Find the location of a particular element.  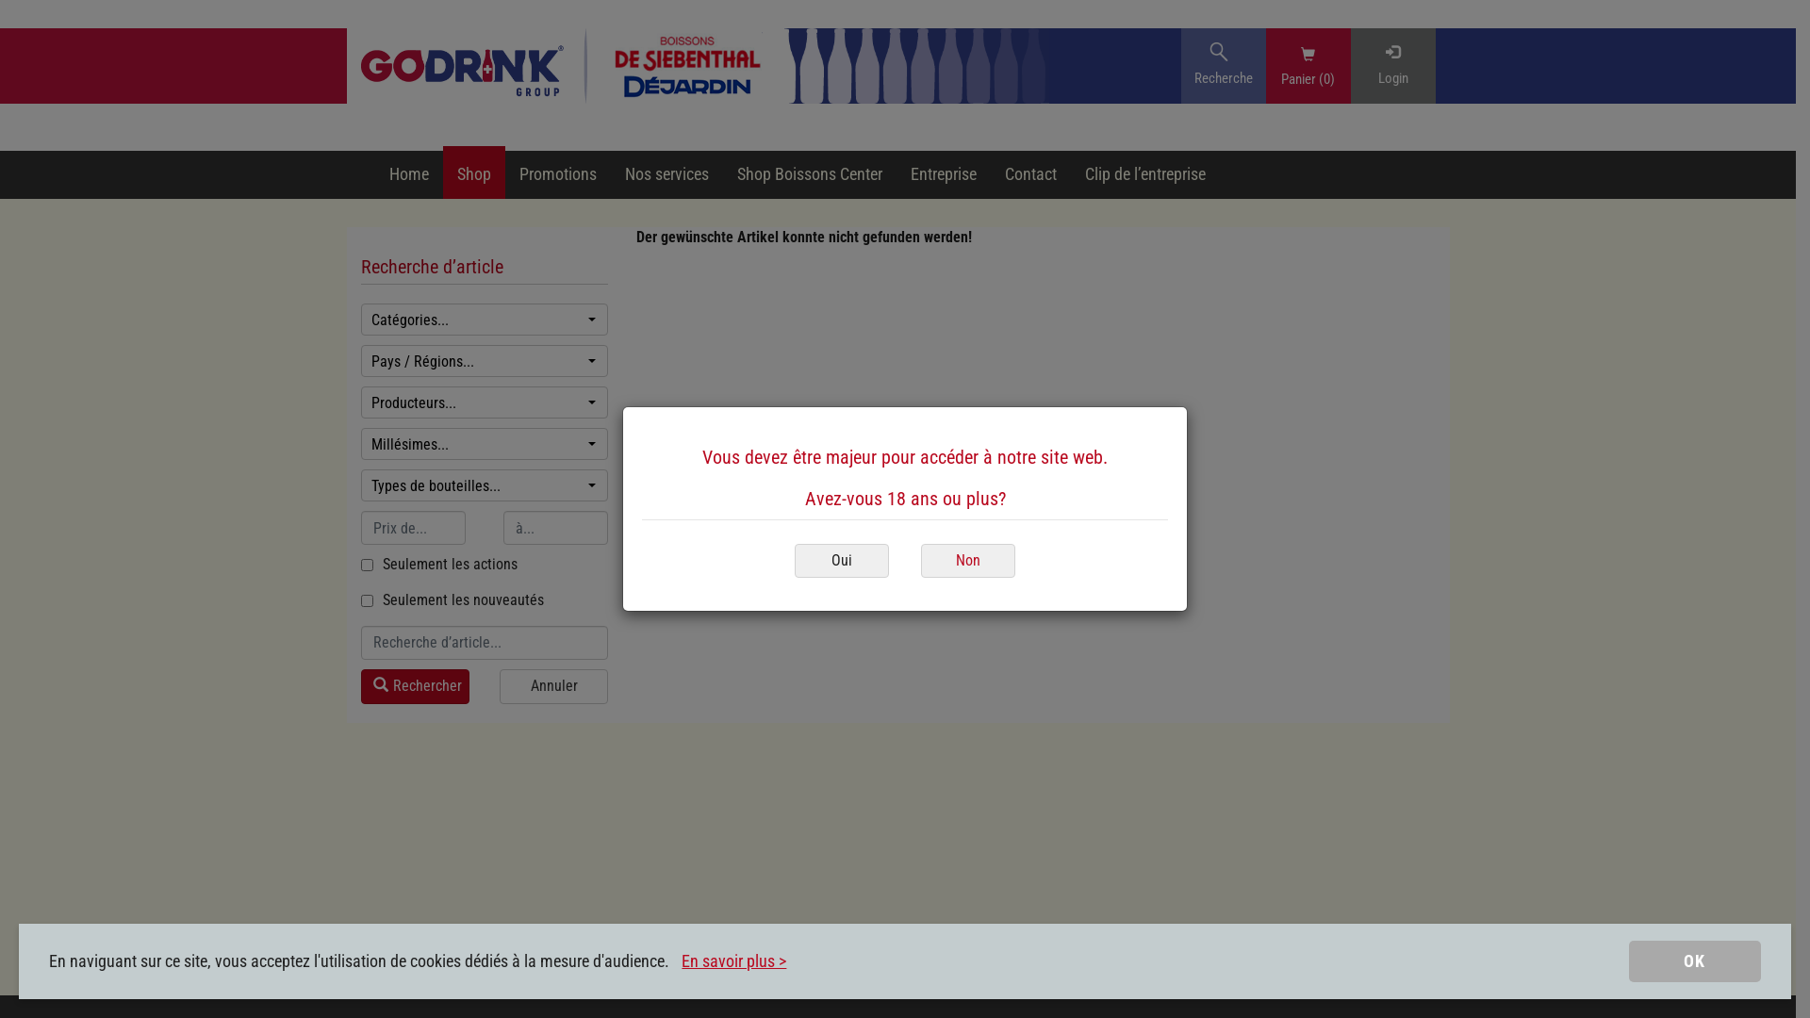

'Panier (0)' is located at coordinates (1307, 76).